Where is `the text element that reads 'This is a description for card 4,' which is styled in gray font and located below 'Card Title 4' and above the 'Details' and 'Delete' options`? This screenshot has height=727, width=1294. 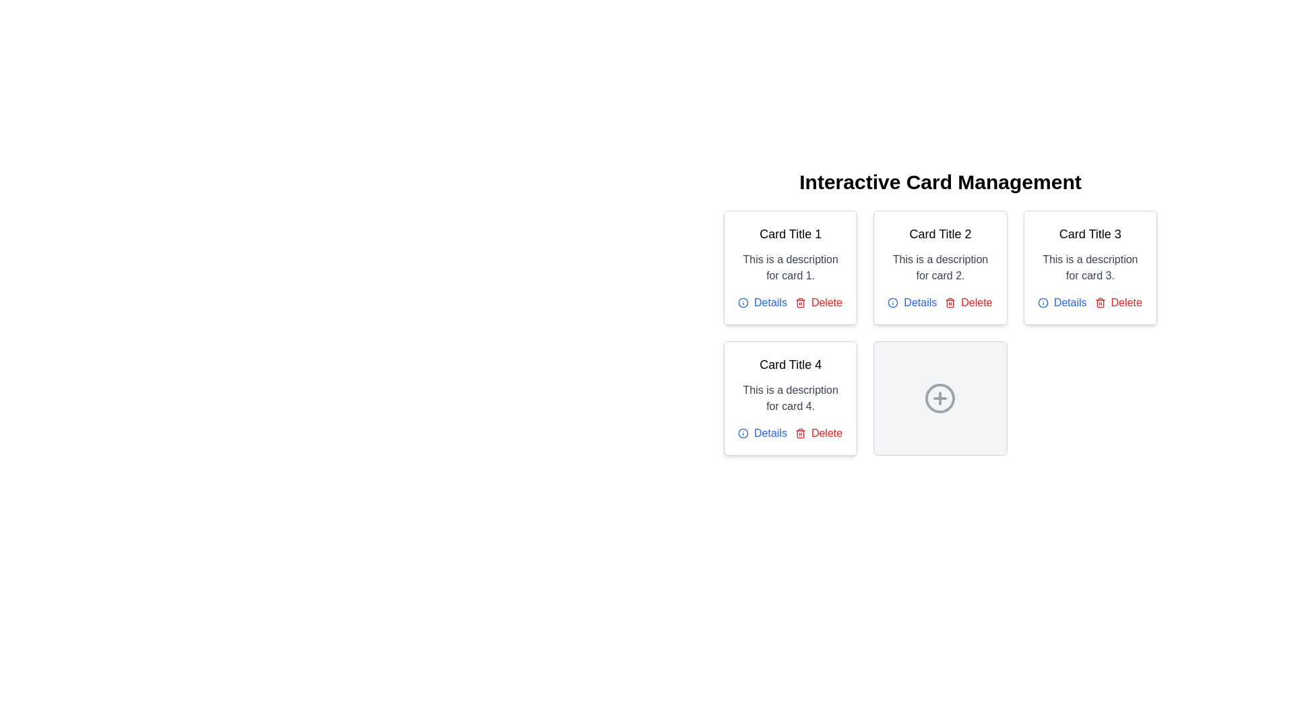
the text element that reads 'This is a description for card 4,' which is styled in gray font and located below 'Card Title 4' and above the 'Details' and 'Delete' options is located at coordinates (791, 397).